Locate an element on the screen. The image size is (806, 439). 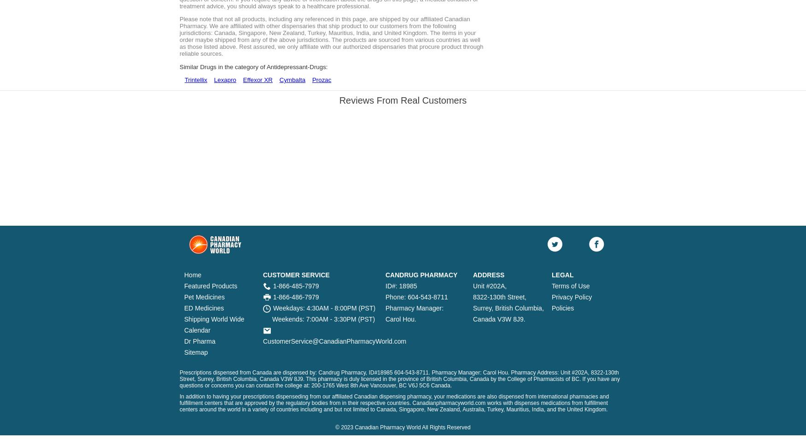
'Pet Medicines' is located at coordinates (204, 297).